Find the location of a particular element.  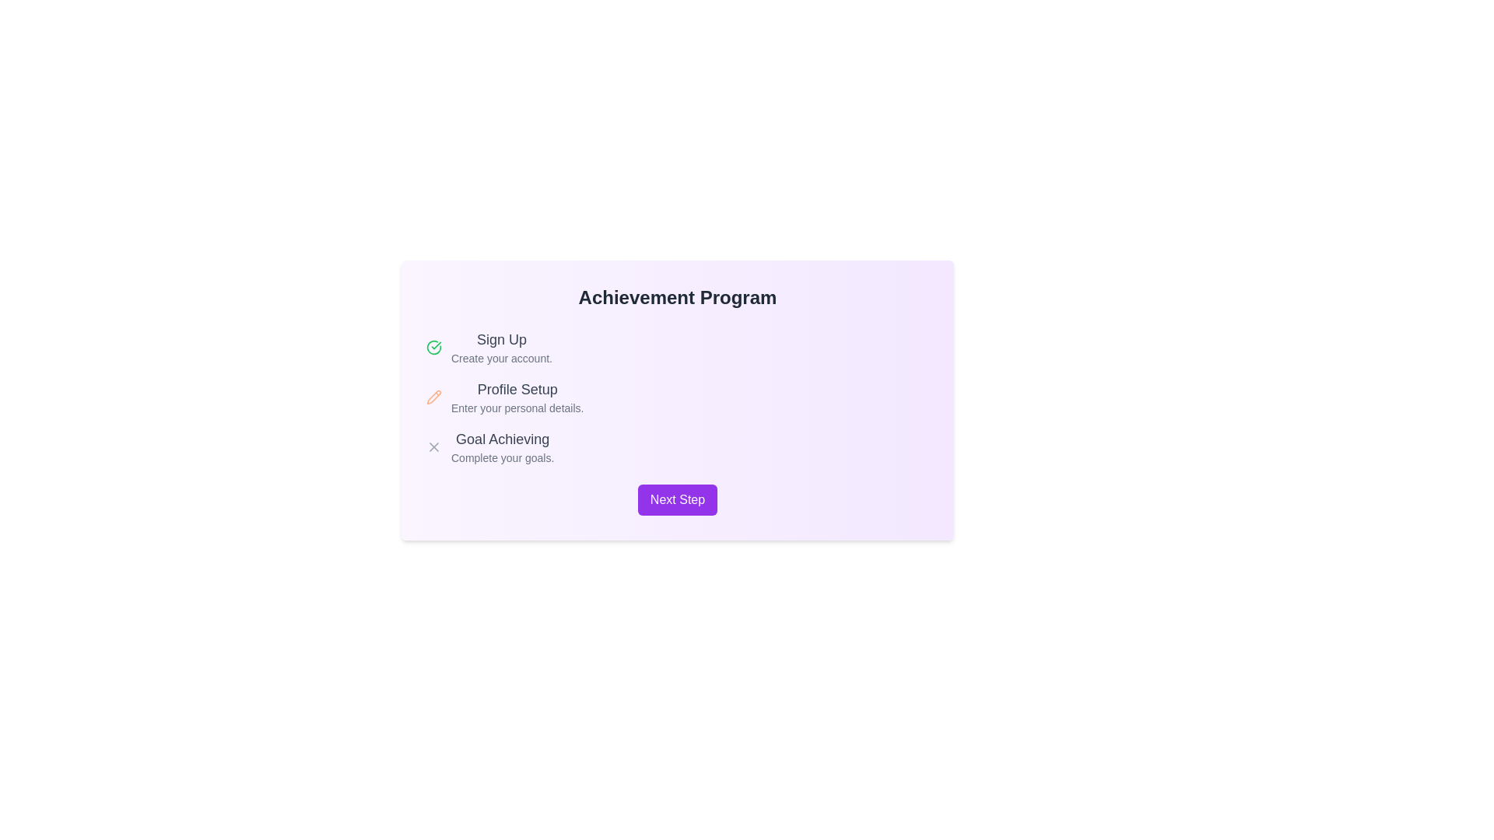

the static text label indicating the current or completed state within the 'Achievement Program' section, located above the text 'Create your account.' is located at coordinates (501, 338).